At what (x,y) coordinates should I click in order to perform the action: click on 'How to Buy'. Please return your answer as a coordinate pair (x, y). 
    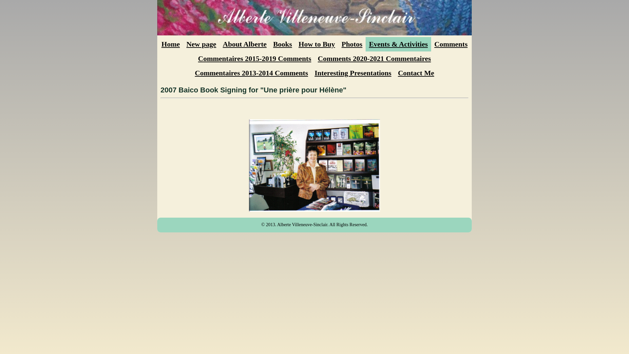
    Looking at the image, I should click on (316, 44).